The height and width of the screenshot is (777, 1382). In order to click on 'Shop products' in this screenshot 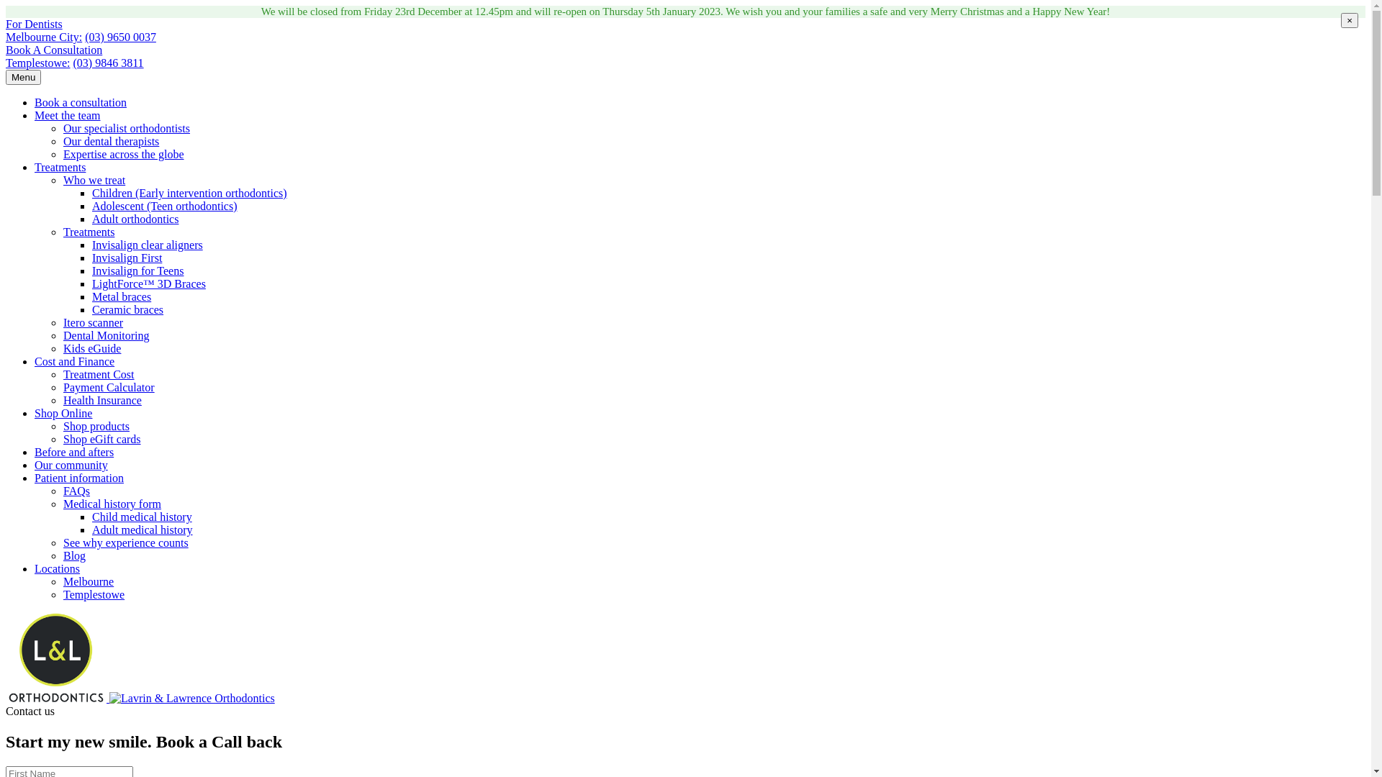, I will do `click(96, 425)`.